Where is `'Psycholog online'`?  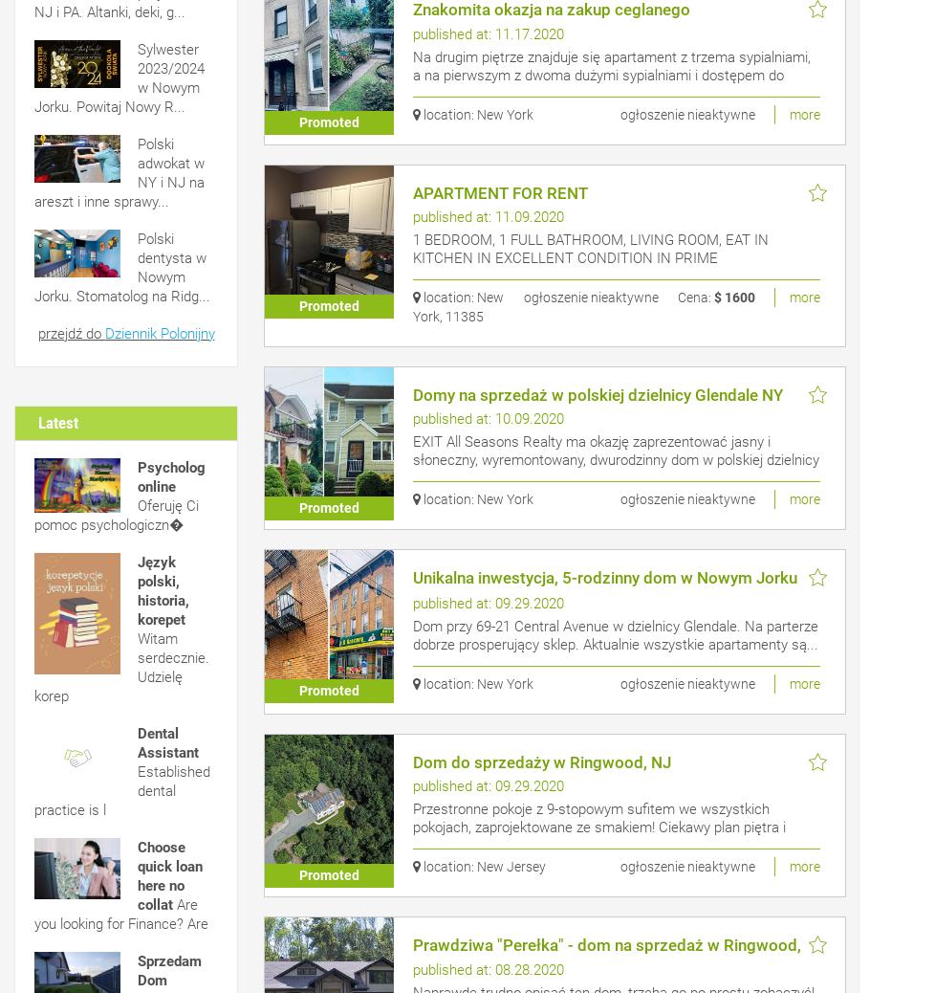
'Psycholog online' is located at coordinates (171, 476).